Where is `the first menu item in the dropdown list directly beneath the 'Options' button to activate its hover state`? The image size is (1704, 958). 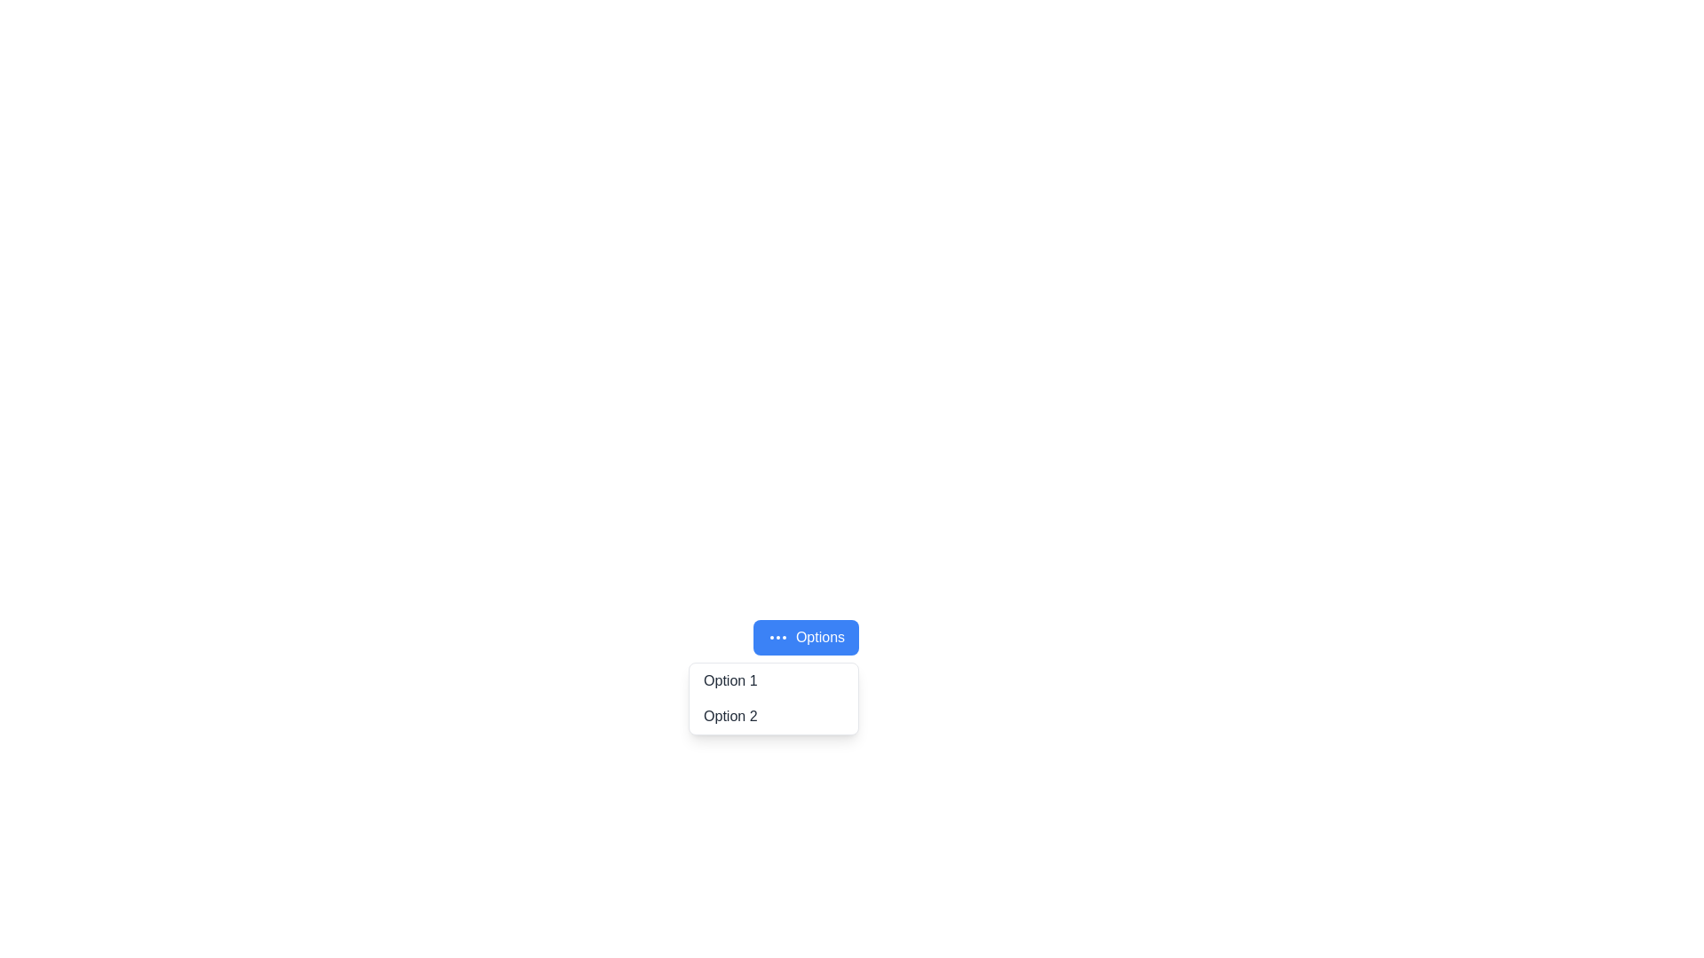 the first menu item in the dropdown list directly beneath the 'Options' button to activate its hover state is located at coordinates (774, 679).